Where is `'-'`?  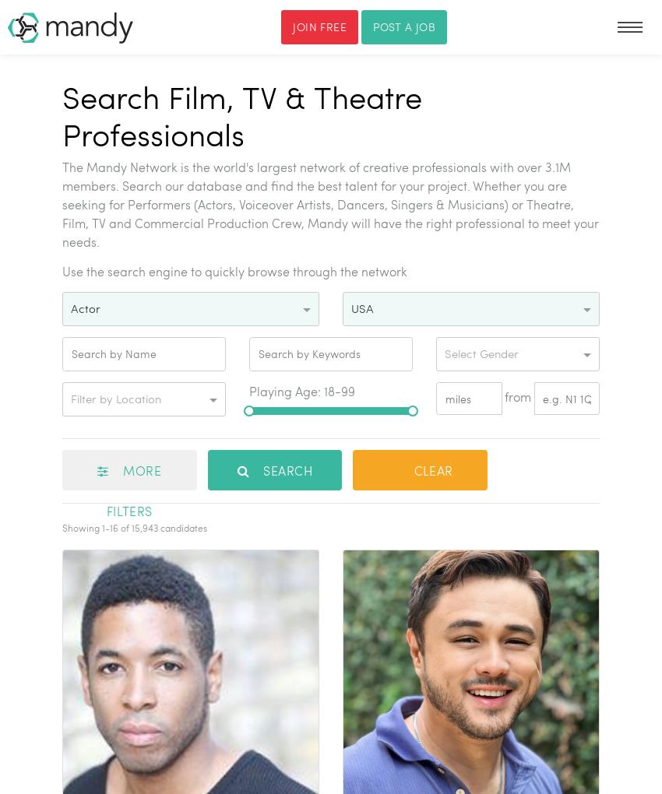 '-' is located at coordinates (107, 526).